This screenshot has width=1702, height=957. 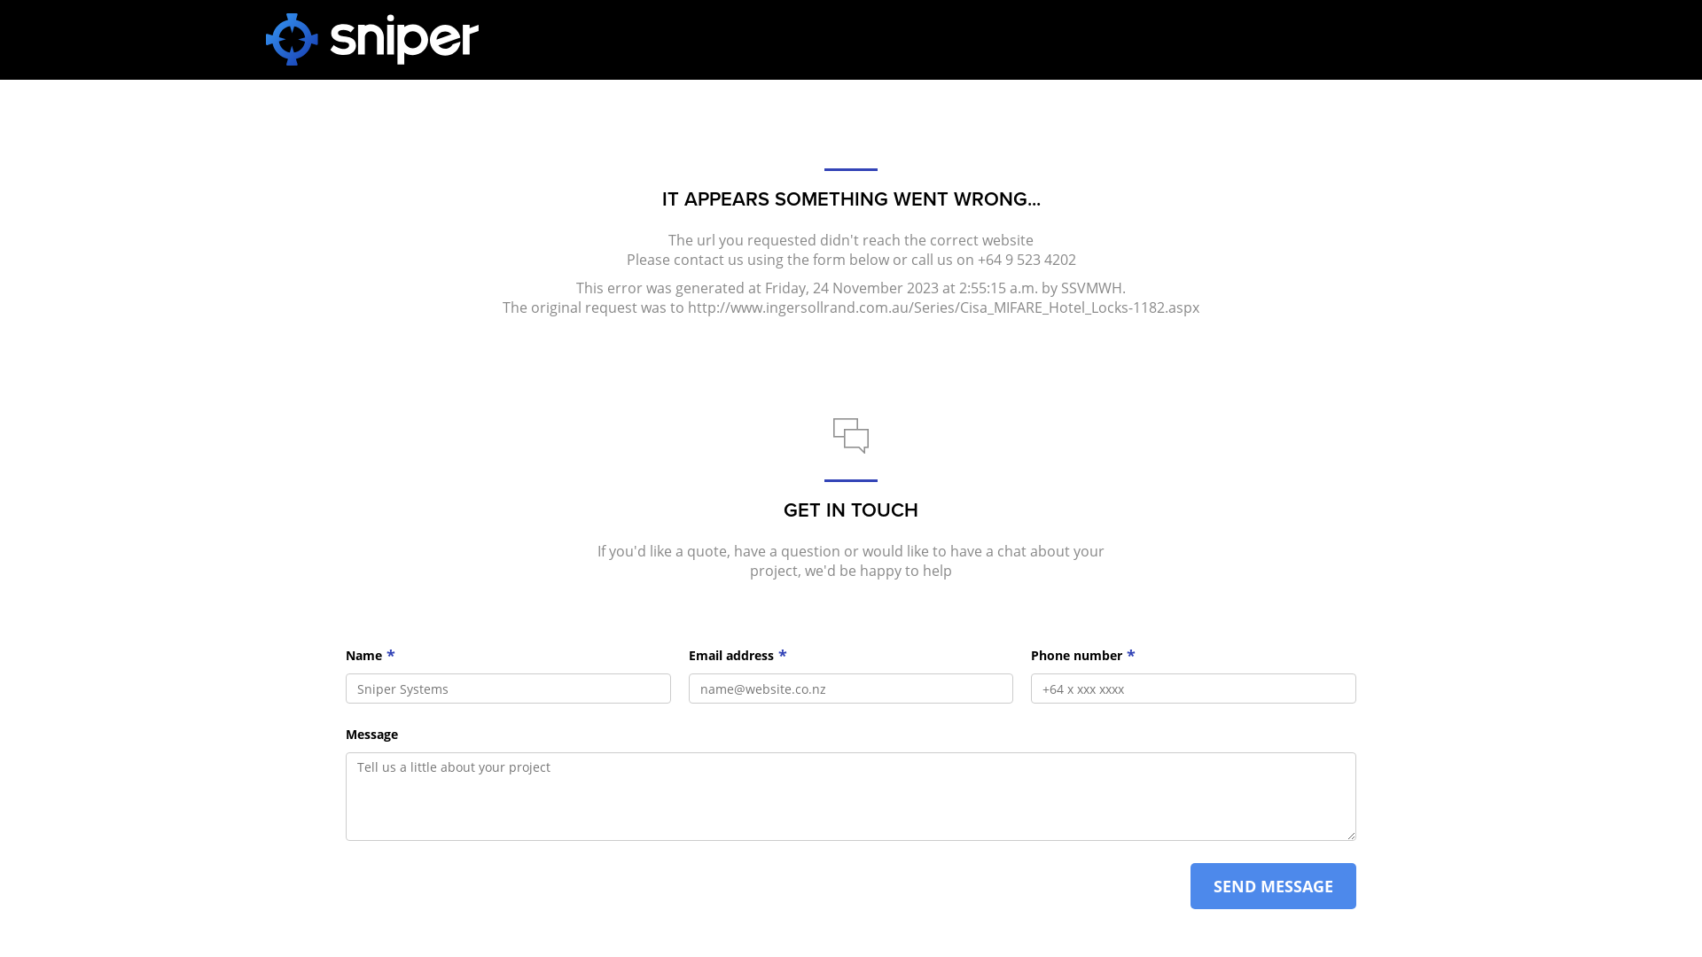 What do you see at coordinates (1191, 885) in the screenshot?
I see `'SEND MESSAGE'` at bounding box center [1191, 885].